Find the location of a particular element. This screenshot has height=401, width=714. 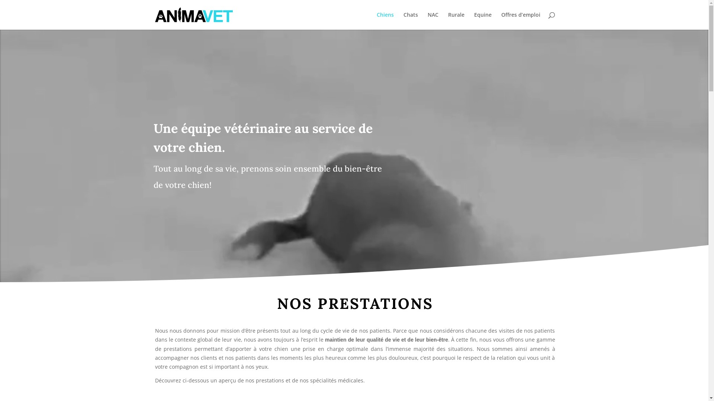

'Rurale' is located at coordinates (447, 20).